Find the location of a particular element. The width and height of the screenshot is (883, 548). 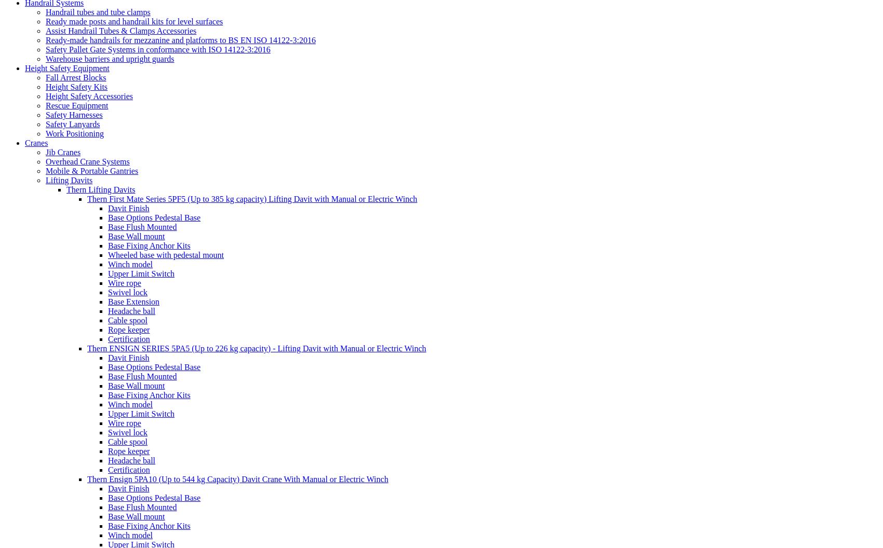

'Thern ENSIGN SERIES 5PA5 (Up to 226 kg capacity) - Lifting Davit with Manual or Electric Winch' is located at coordinates (257, 348).